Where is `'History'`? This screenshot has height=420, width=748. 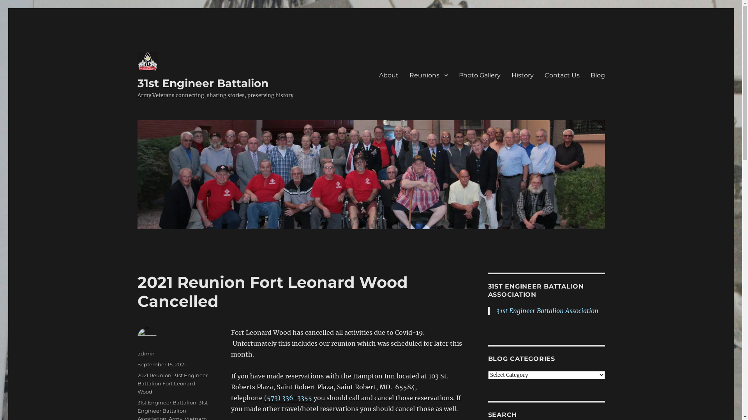 'History' is located at coordinates (522, 75).